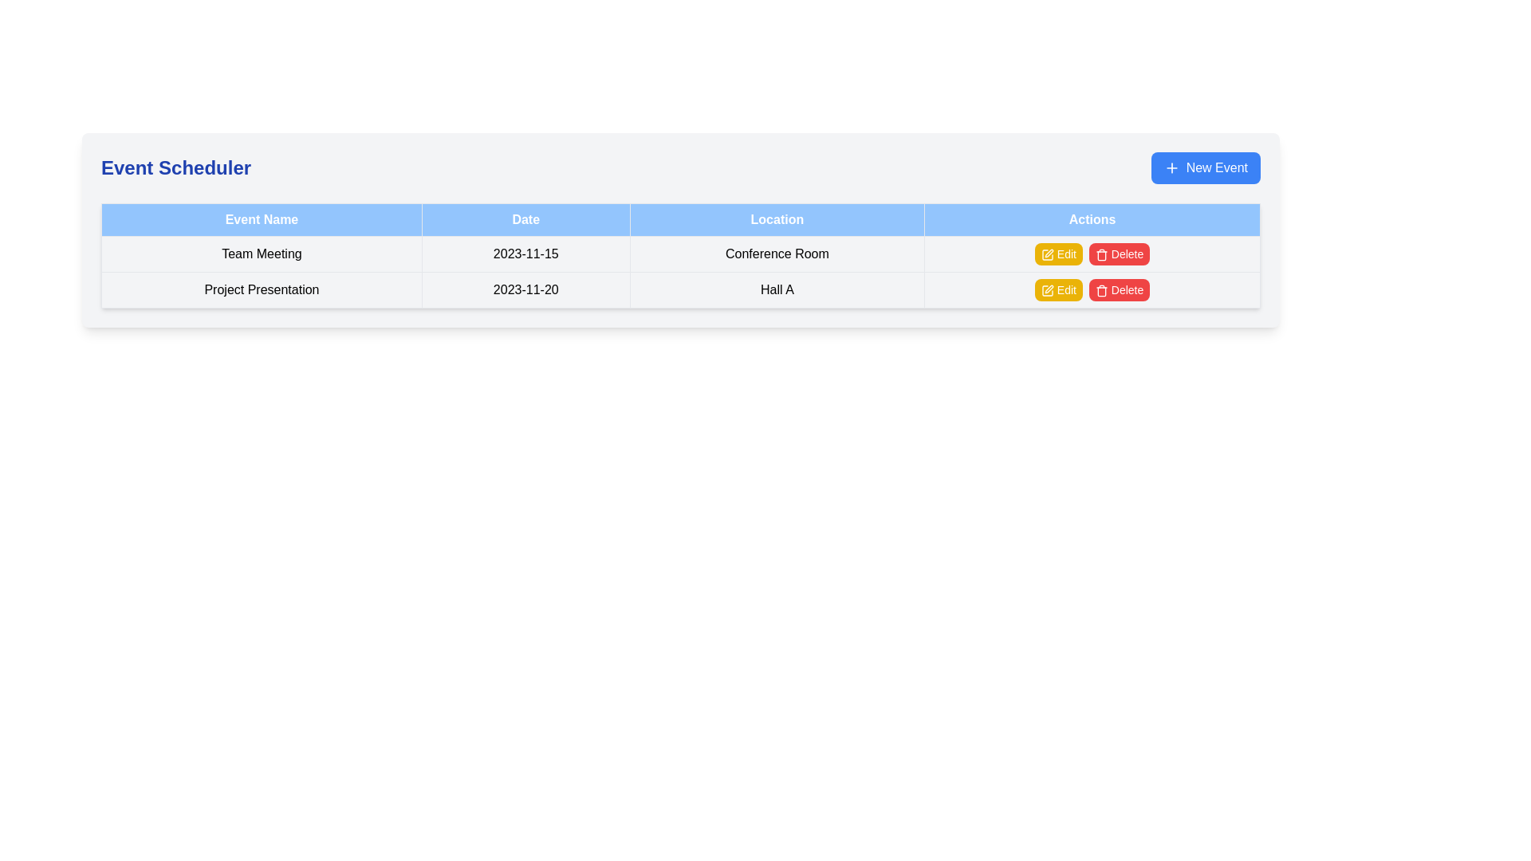  I want to click on the 'Edit' button with a golden yellow background and a pencil icon, which is the first button in the 'Actions' column of the first row in the table, so click(1058, 254).